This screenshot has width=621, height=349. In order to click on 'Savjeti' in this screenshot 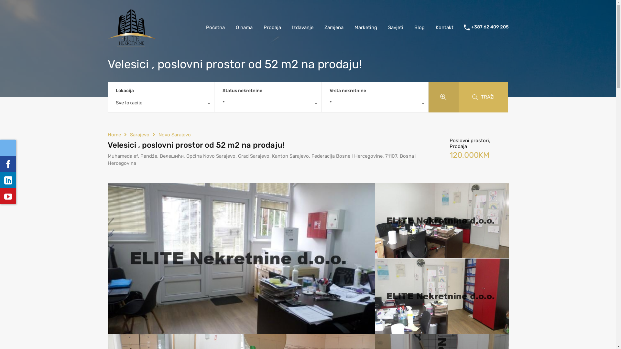, I will do `click(382, 27)`.